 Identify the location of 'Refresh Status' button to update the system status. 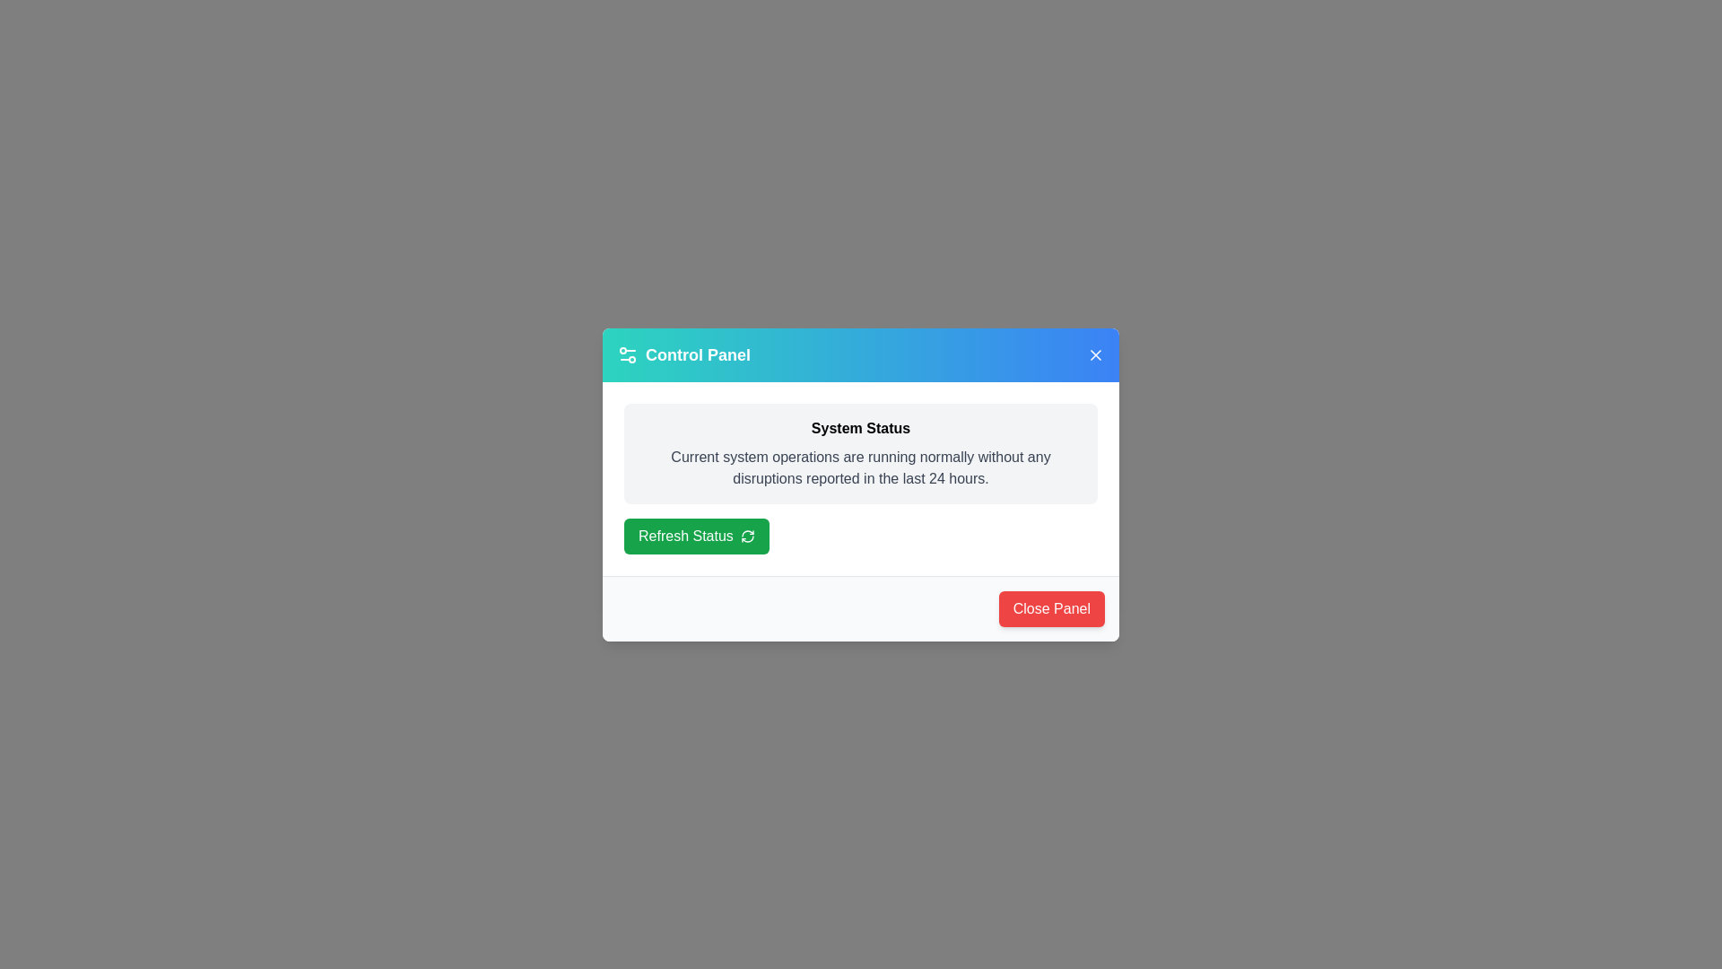
(695, 535).